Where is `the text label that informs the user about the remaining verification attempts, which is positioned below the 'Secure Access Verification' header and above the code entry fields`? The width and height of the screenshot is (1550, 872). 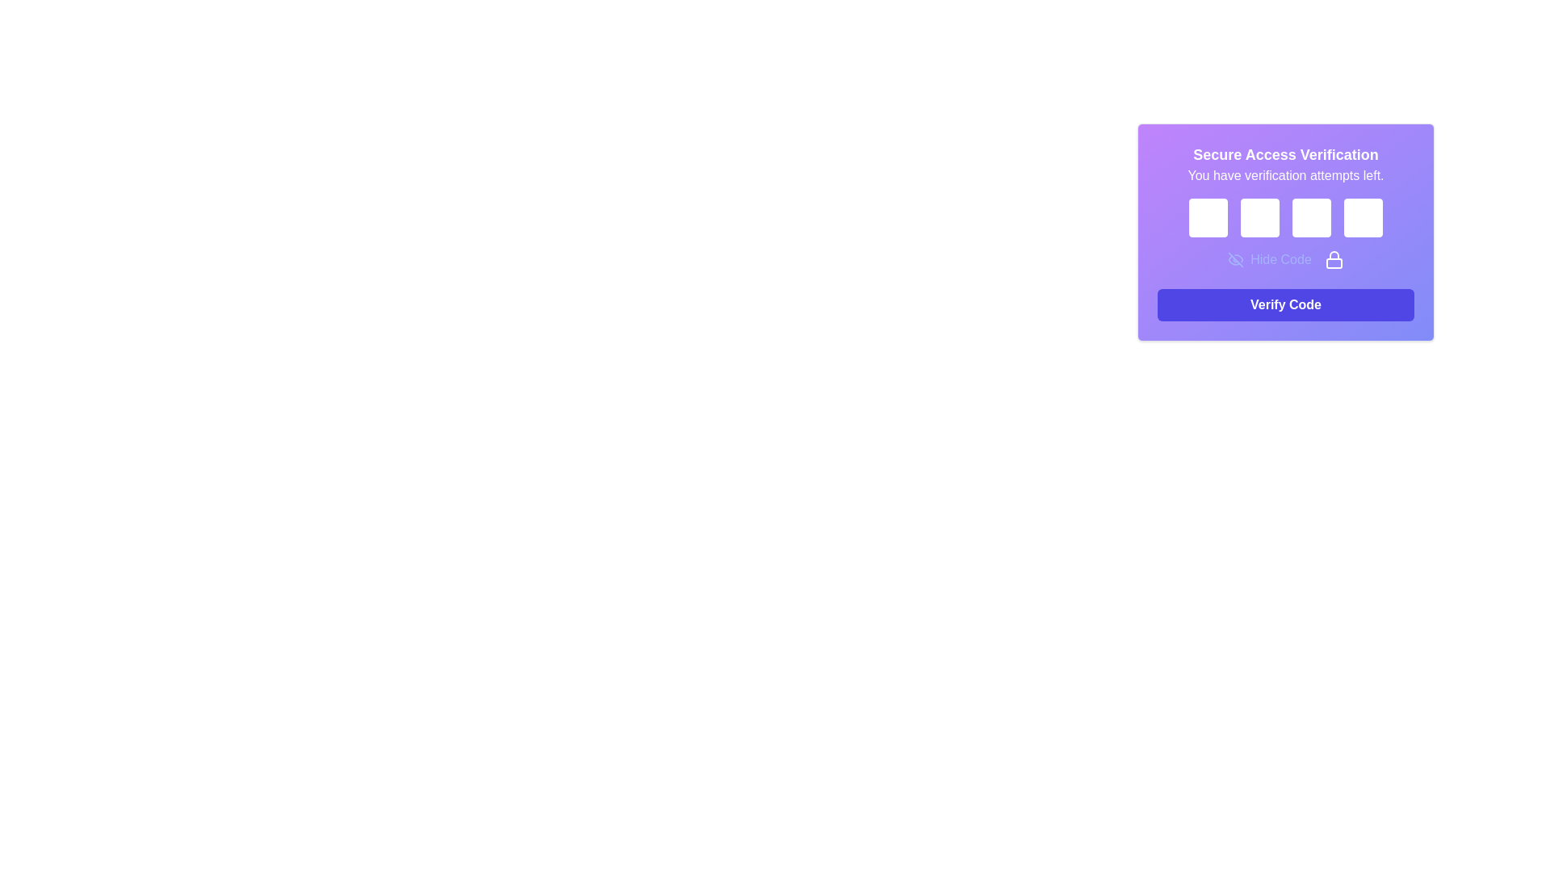
the text label that informs the user about the remaining verification attempts, which is positioned below the 'Secure Access Verification' header and above the code entry fields is located at coordinates (1285, 176).